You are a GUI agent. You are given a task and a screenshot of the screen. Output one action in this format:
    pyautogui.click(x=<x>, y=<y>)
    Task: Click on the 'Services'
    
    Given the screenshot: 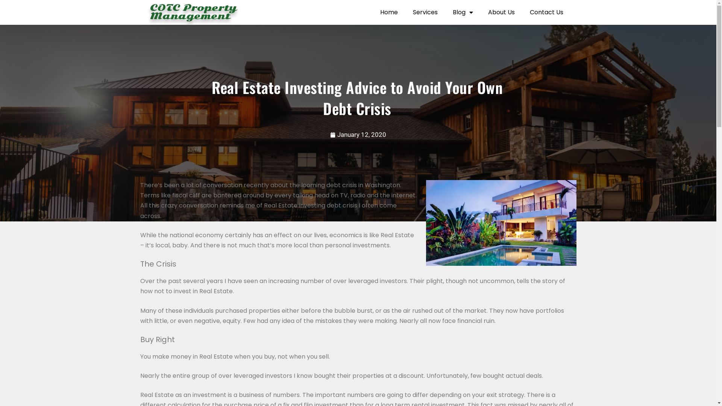 What is the action you would take?
    pyautogui.click(x=405, y=12)
    